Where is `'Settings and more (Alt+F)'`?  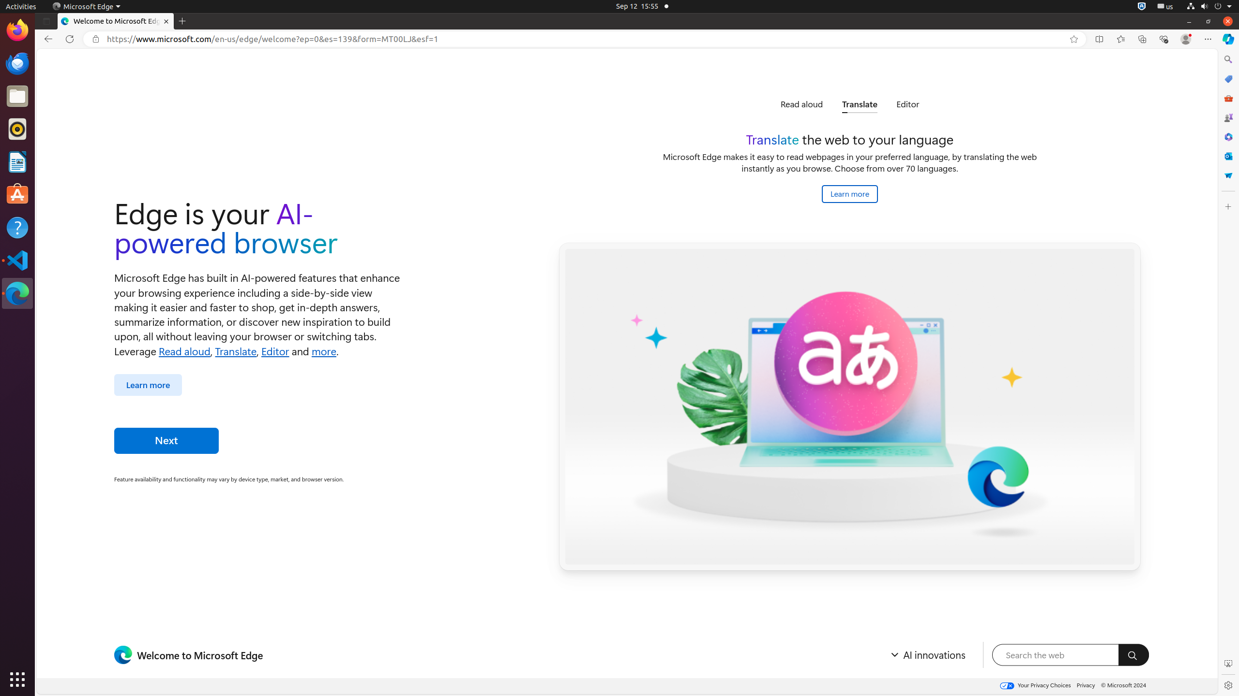 'Settings and more (Alt+F)' is located at coordinates (1208, 39).